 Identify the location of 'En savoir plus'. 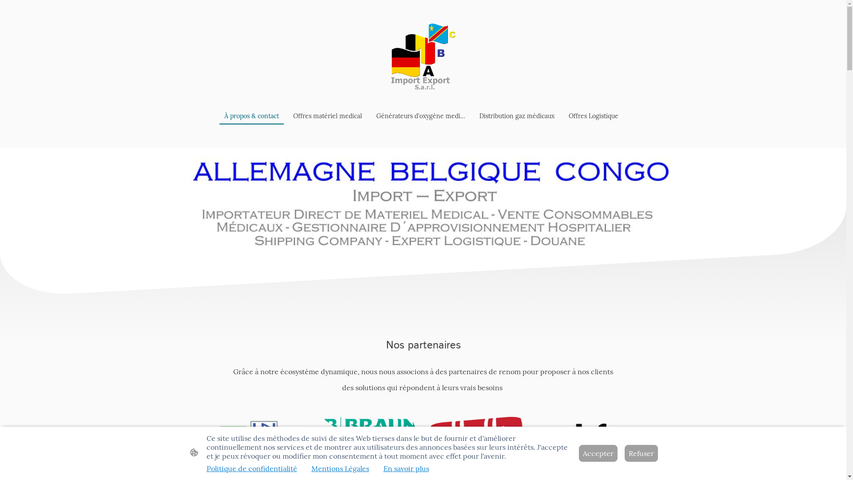
(405, 468).